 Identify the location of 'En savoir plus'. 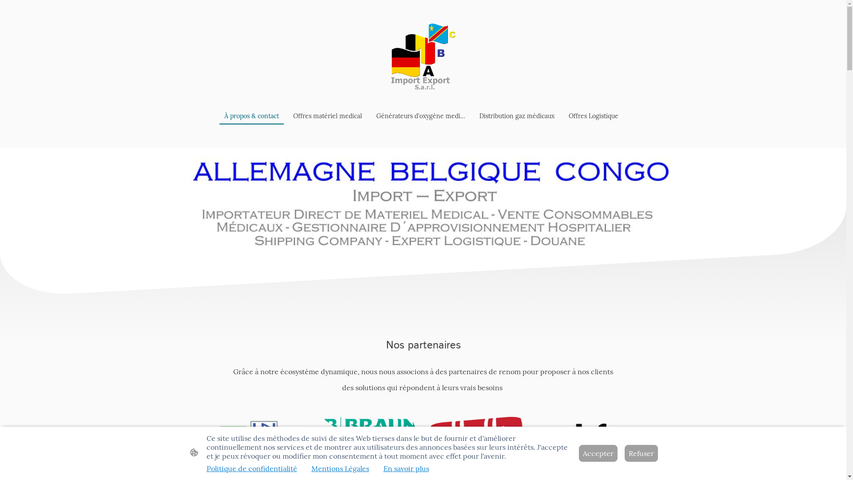
(405, 468).